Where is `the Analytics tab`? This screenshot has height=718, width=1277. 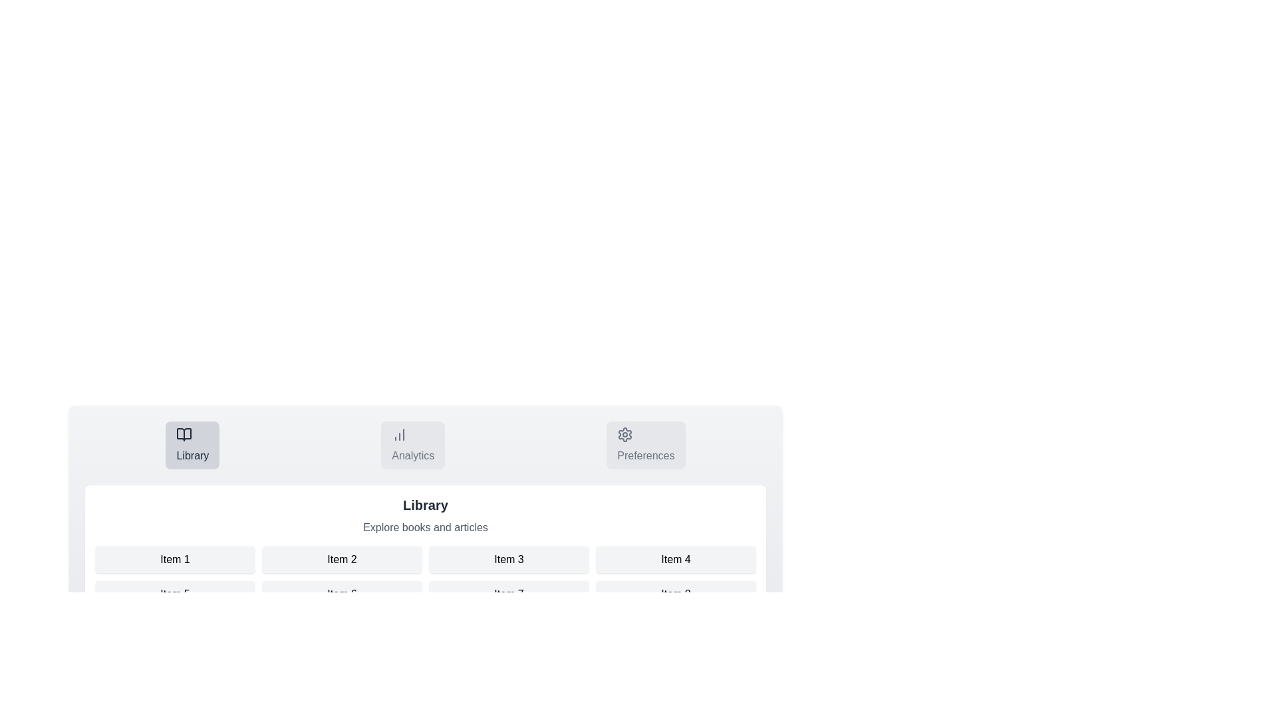 the Analytics tab is located at coordinates (412, 445).